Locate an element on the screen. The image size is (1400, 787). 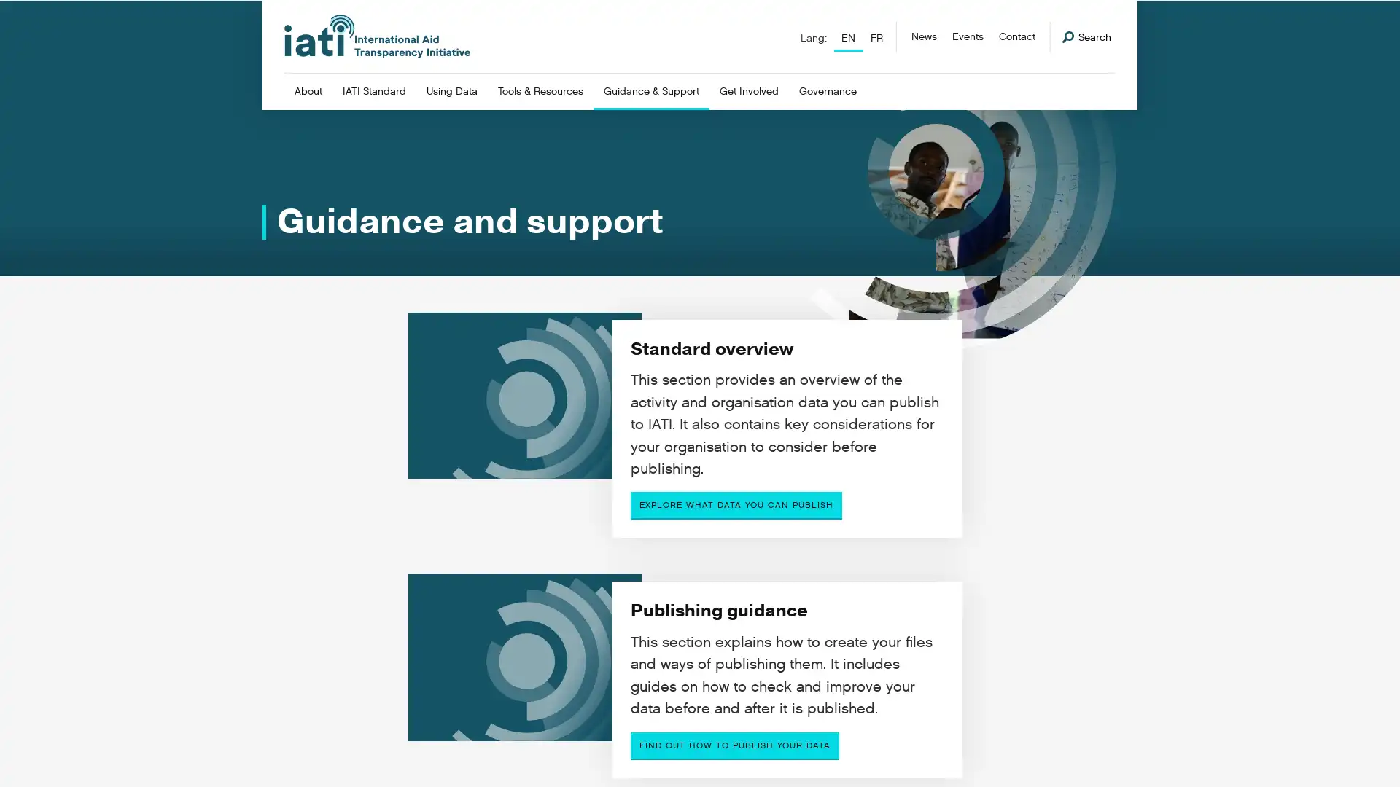
Search is located at coordinates (1086, 36).